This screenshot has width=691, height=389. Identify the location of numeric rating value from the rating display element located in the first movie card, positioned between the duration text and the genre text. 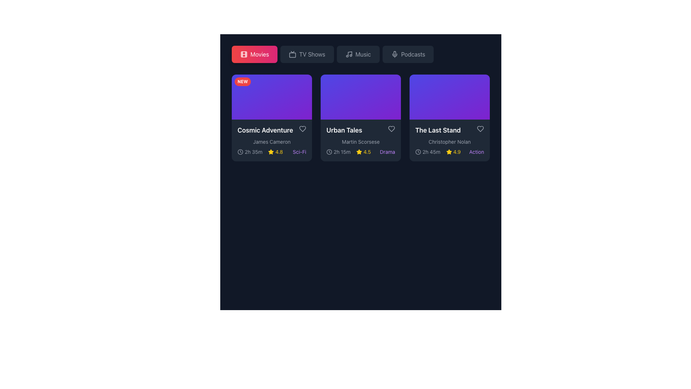
(275, 152).